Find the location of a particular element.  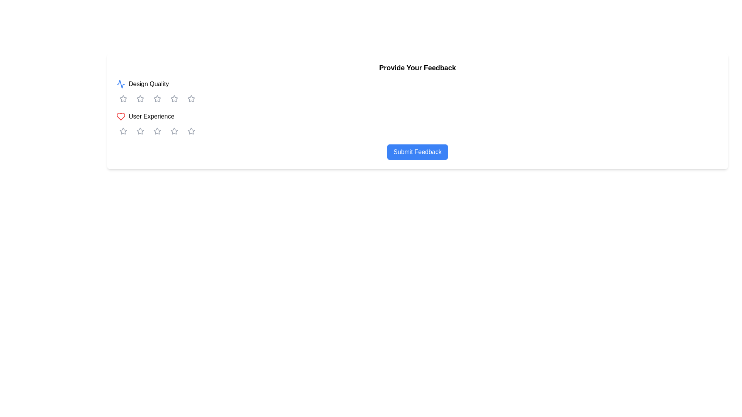

the fourth interactive star icon in the 'Design Quality' rating row is located at coordinates (174, 98).